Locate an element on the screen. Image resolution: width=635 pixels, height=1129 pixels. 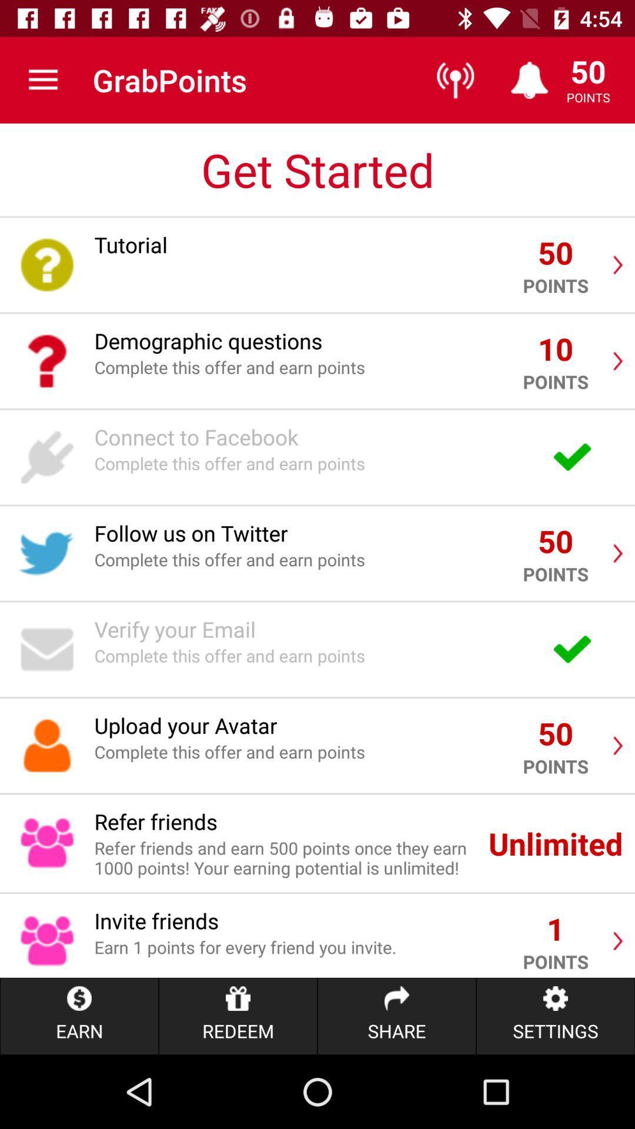
icon to the right of redeem item is located at coordinates (397, 1016).